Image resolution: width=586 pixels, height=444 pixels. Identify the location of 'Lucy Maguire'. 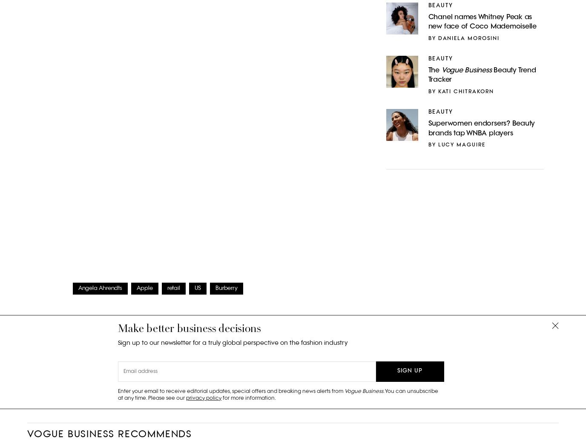
(461, 144).